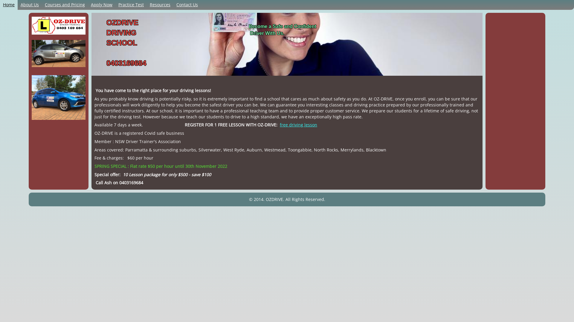 The height and width of the screenshot is (322, 574). I want to click on 'Apply Now', so click(102, 5).